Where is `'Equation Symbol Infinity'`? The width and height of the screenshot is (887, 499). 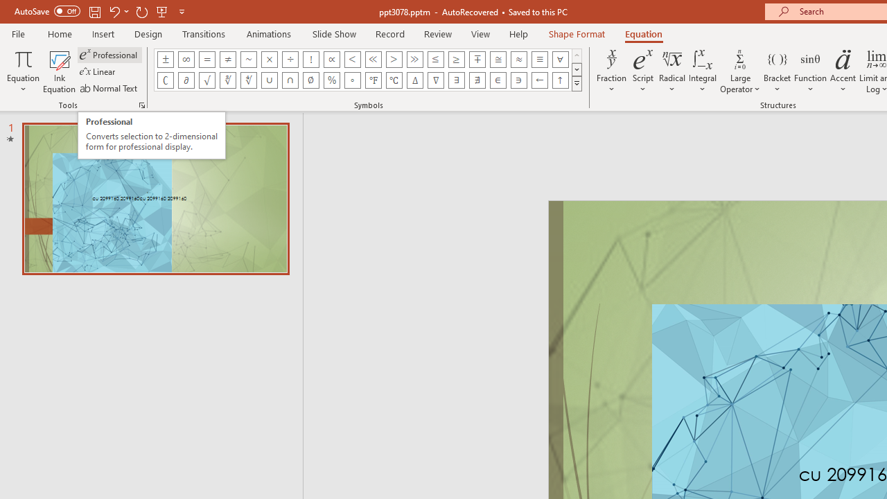
'Equation Symbol Infinity' is located at coordinates (185, 59).